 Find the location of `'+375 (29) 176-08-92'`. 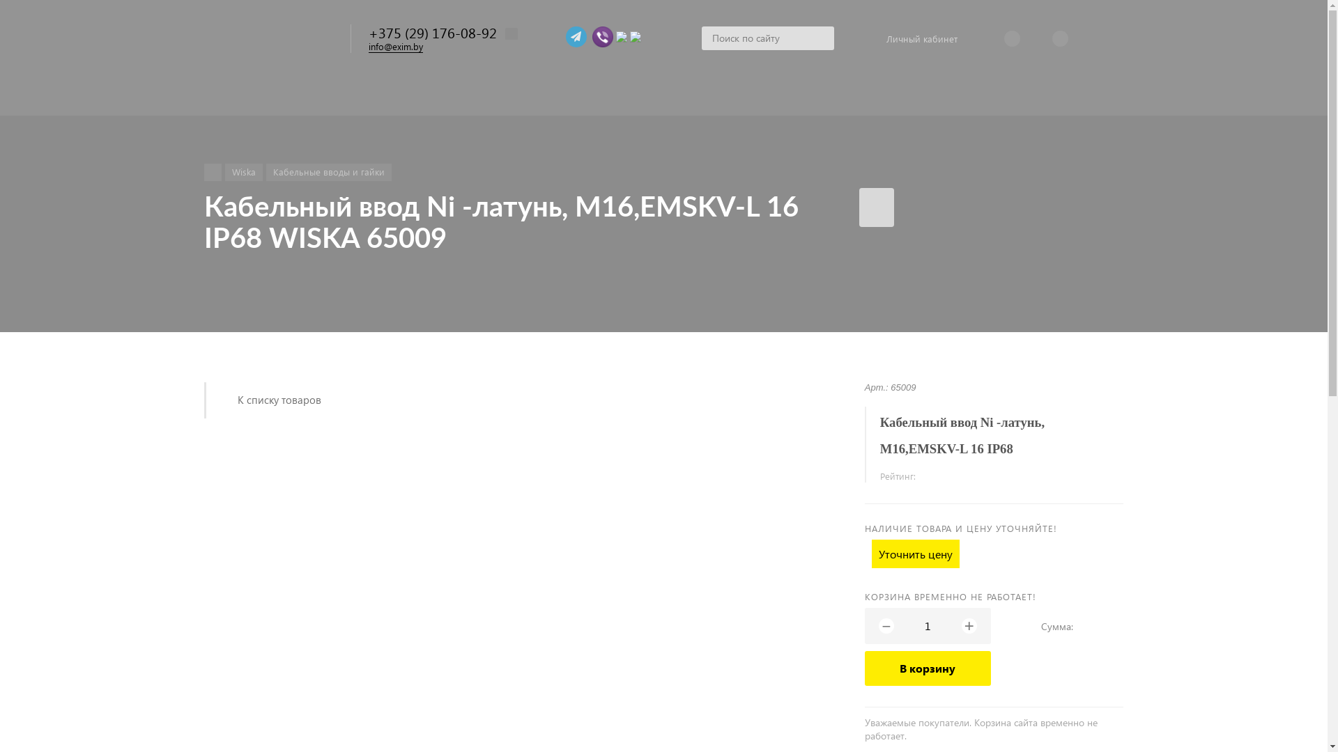

'+375 (29) 176-08-92' is located at coordinates (431, 31).